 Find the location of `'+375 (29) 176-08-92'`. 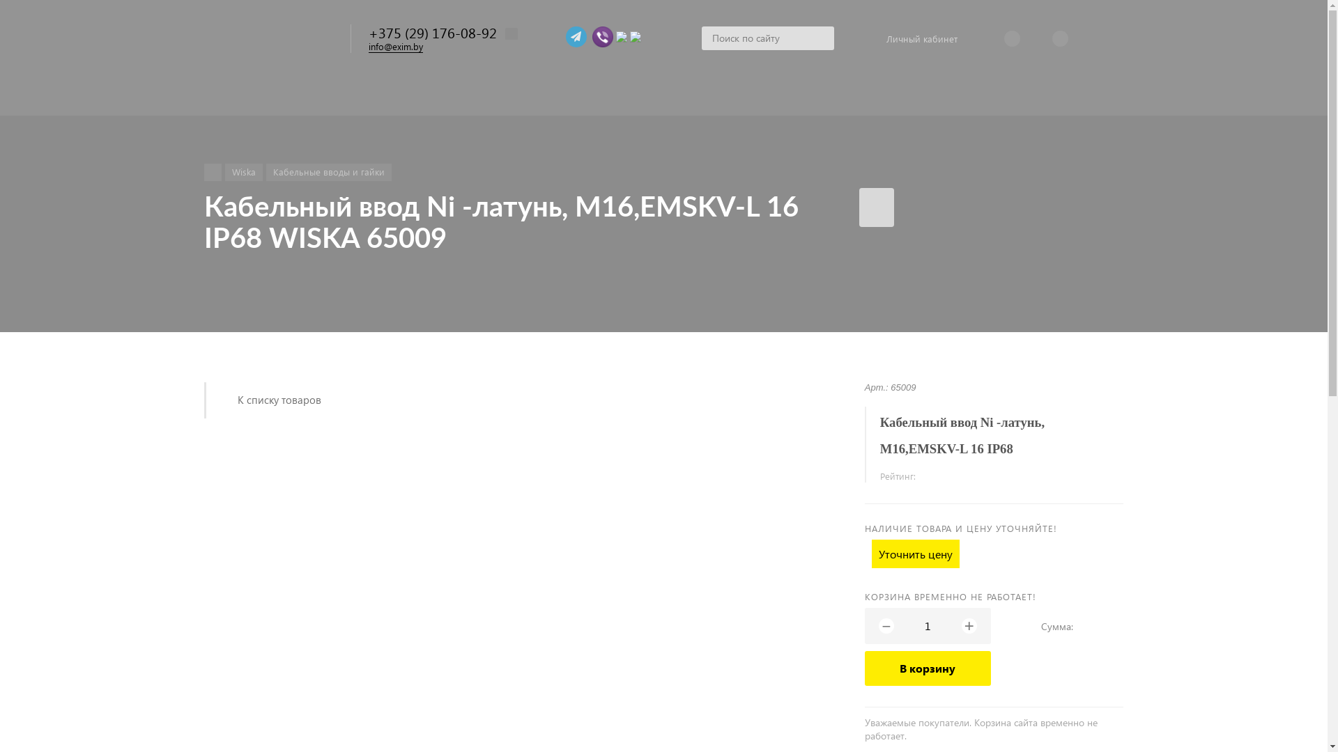

'+375 (29) 176-08-92' is located at coordinates (431, 31).